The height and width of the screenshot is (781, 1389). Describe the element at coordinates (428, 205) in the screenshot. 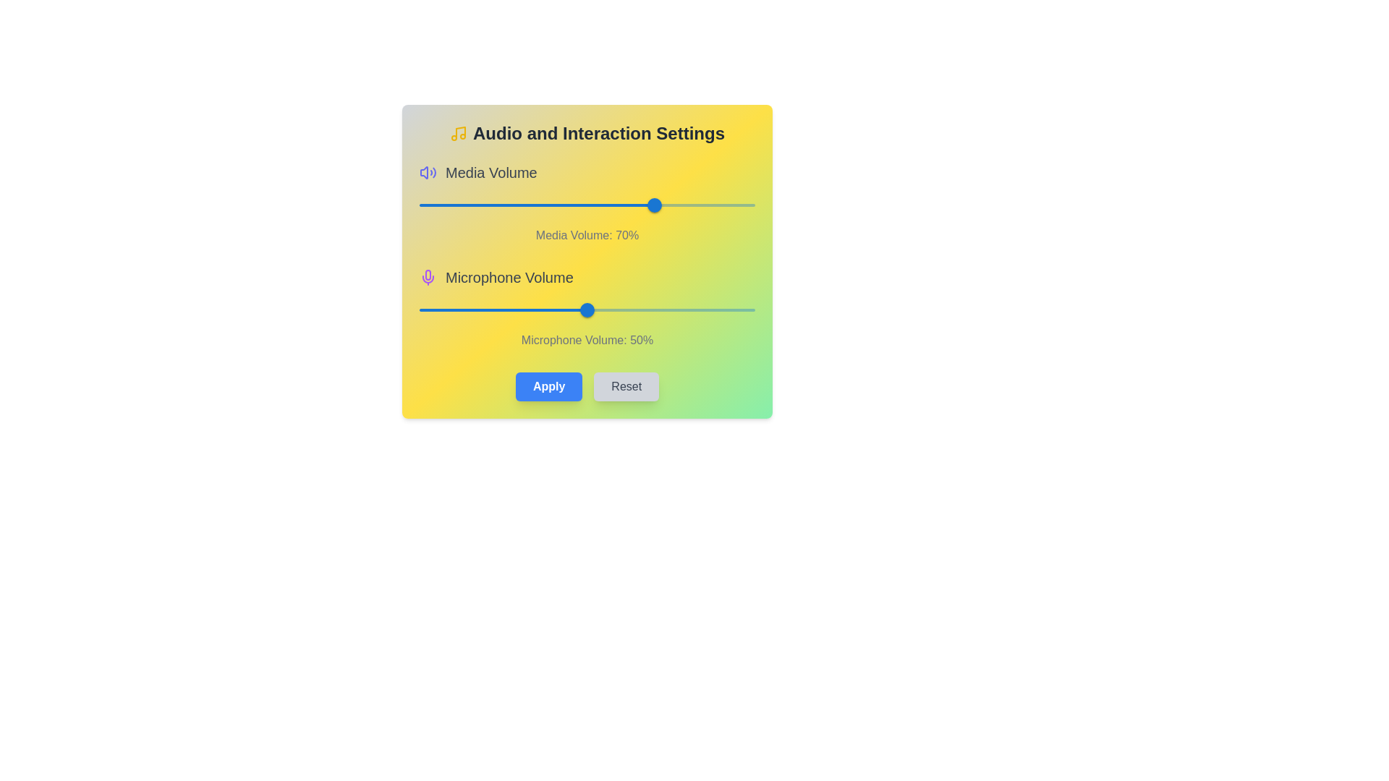

I see `the slider value` at that location.